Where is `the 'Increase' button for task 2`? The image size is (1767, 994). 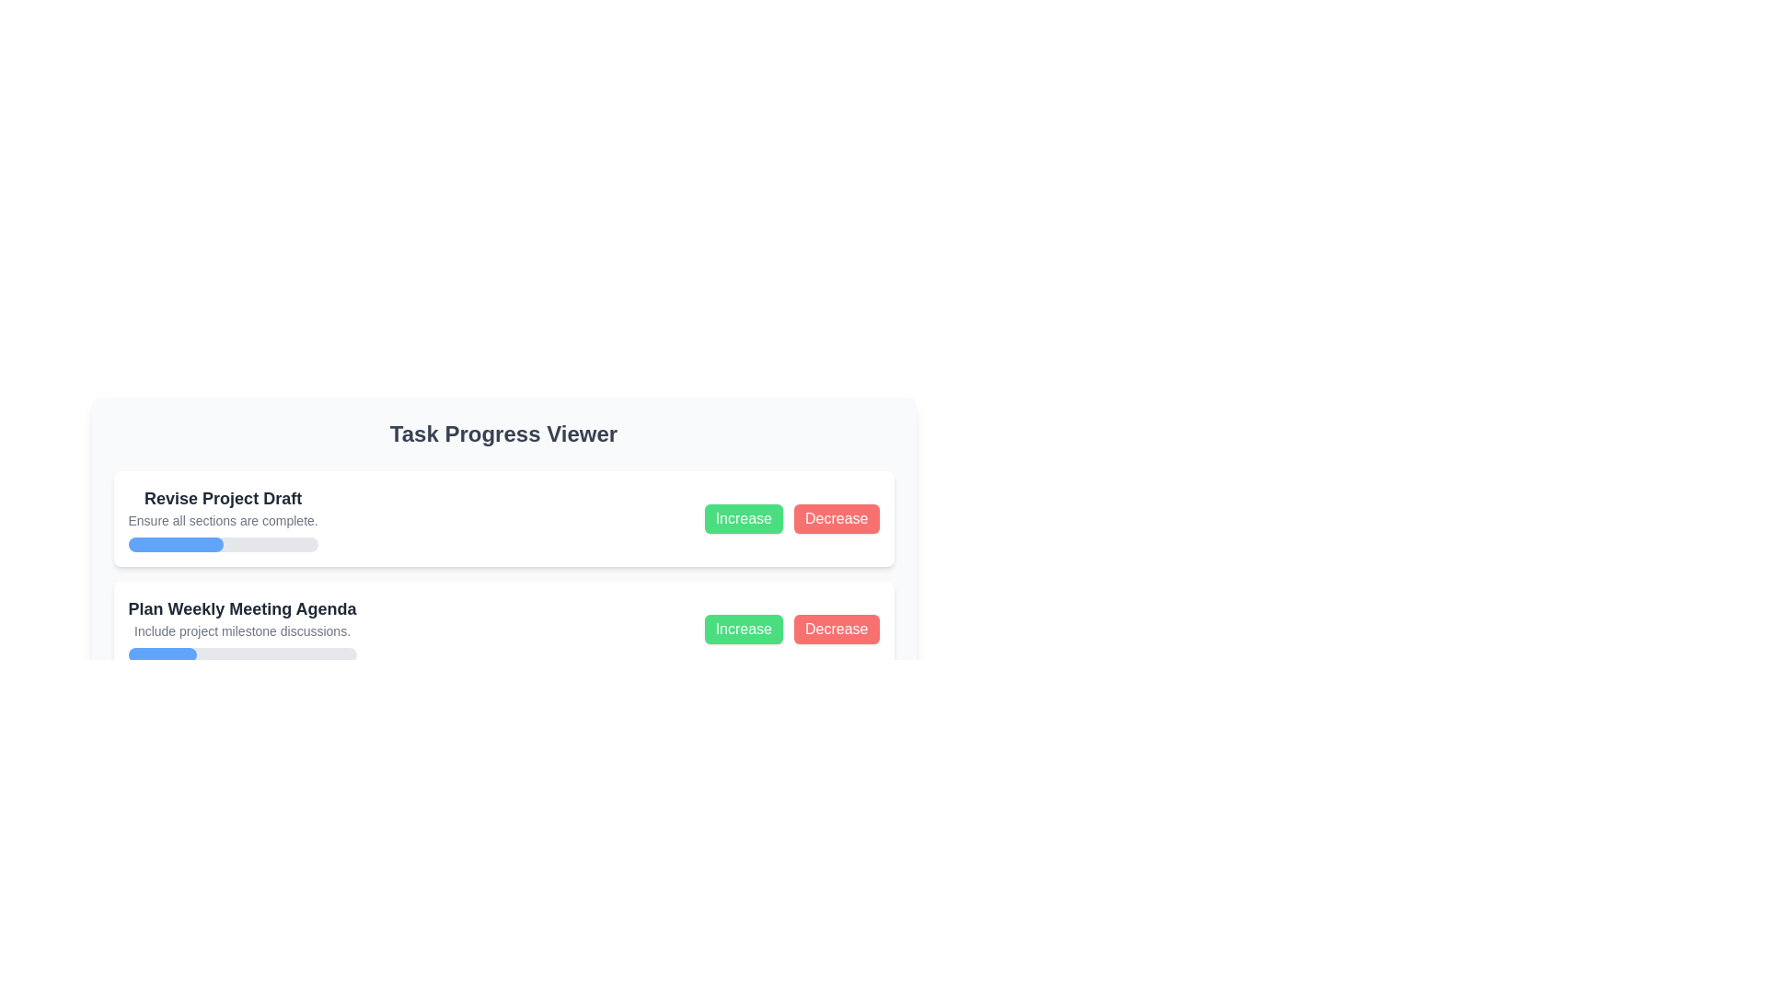
the 'Increase' button for task 2 is located at coordinates (744, 628).